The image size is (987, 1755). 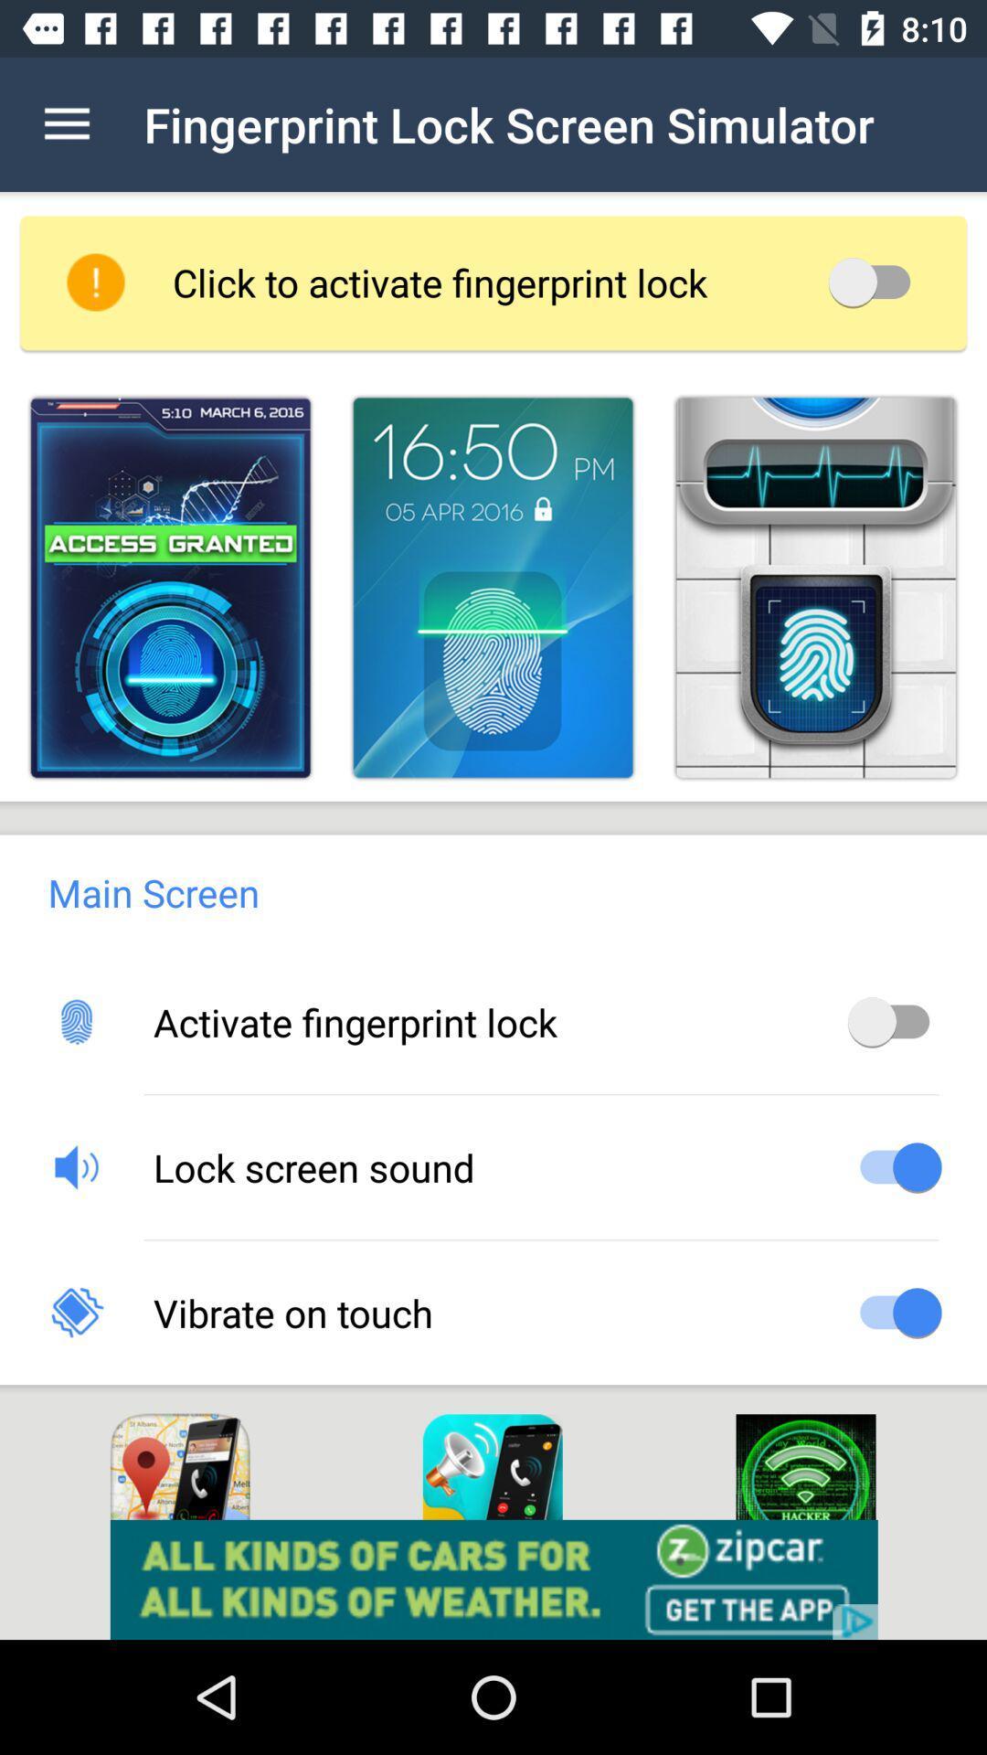 I want to click on on off button, so click(x=894, y=1165).